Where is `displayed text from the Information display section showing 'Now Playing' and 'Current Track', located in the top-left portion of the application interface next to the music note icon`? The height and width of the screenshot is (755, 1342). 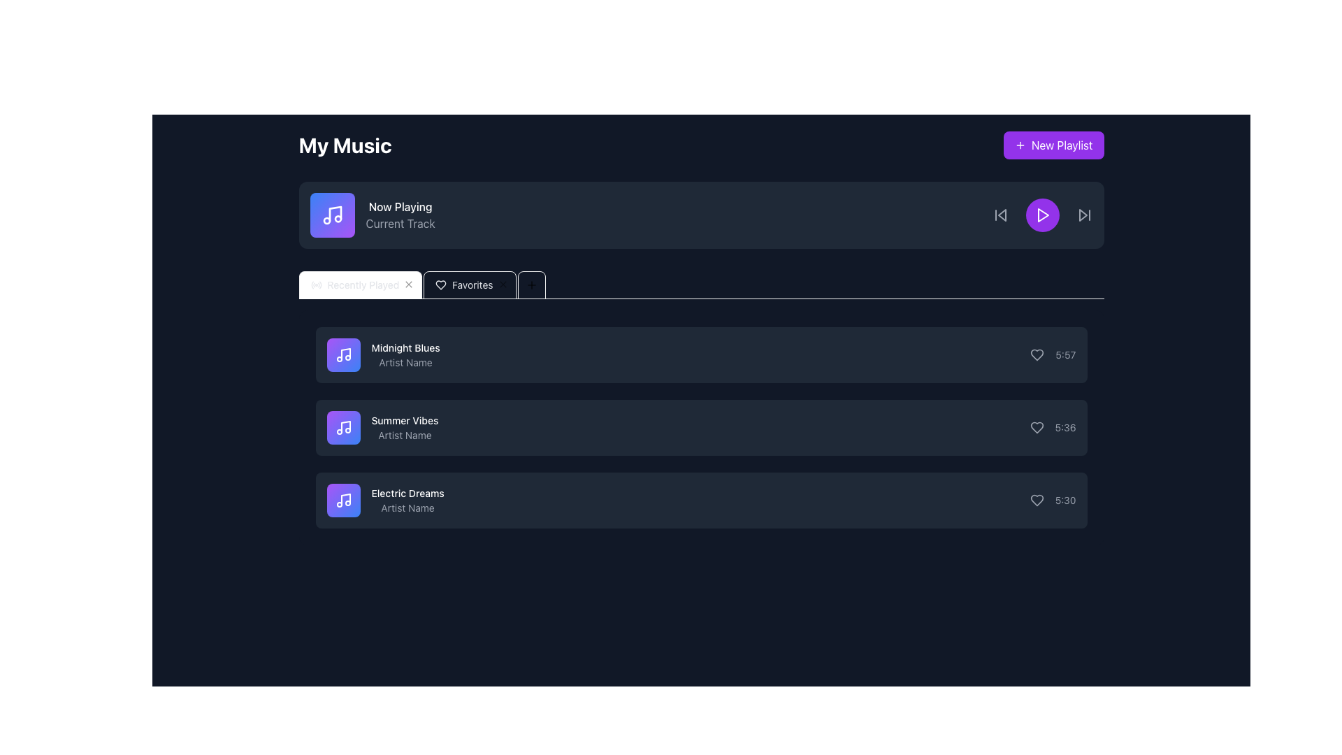
displayed text from the Information display section showing 'Now Playing' and 'Current Track', located in the top-left portion of the application interface next to the music note icon is located at coordinates (372, 215).